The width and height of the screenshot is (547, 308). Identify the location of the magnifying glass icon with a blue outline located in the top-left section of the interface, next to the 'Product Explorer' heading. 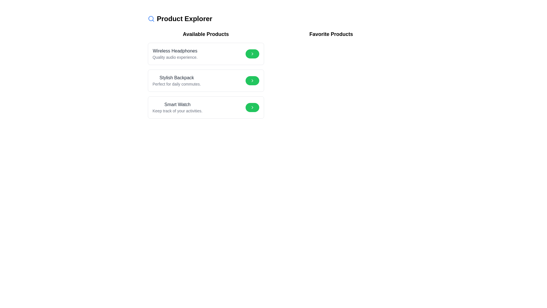
(151, 18).